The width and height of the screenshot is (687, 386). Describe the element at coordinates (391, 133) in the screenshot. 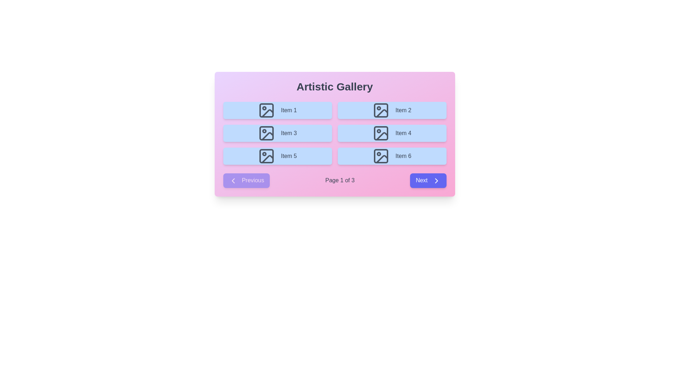

I see `the Card component representing 'Item 4', located in the second row and second column of the grid layout` at that location.